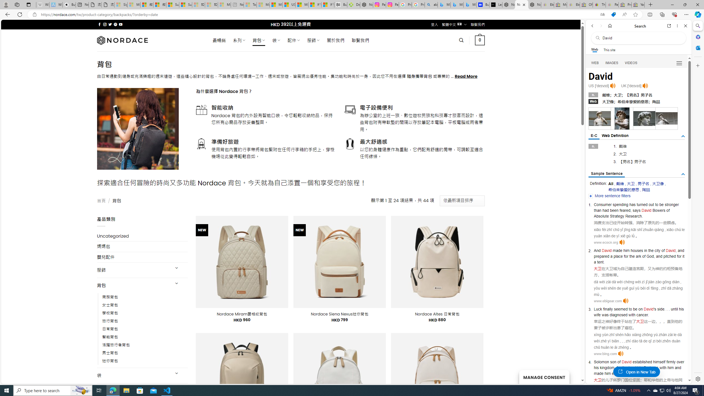  What do you see at coordinates (594, 136) in the screenshot?
I see `'E-C'` at bounding box center [594, 136].